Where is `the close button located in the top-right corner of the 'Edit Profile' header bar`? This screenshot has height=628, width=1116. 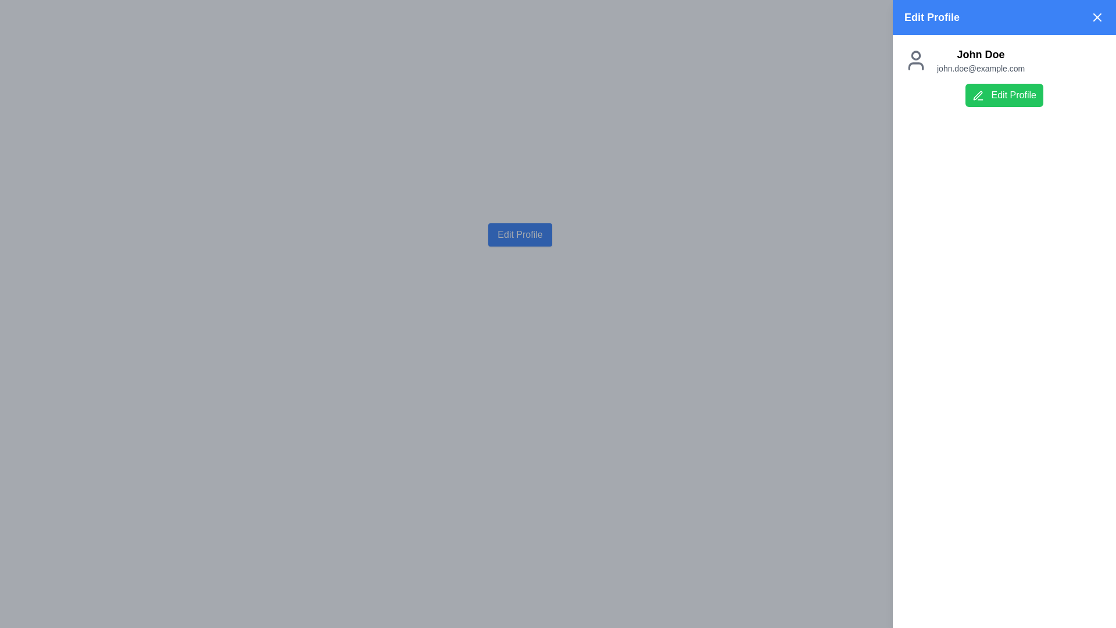
the close button located in the top-right corner of the 'Edit Profile' header bar is located at coordinates (1096, 17).